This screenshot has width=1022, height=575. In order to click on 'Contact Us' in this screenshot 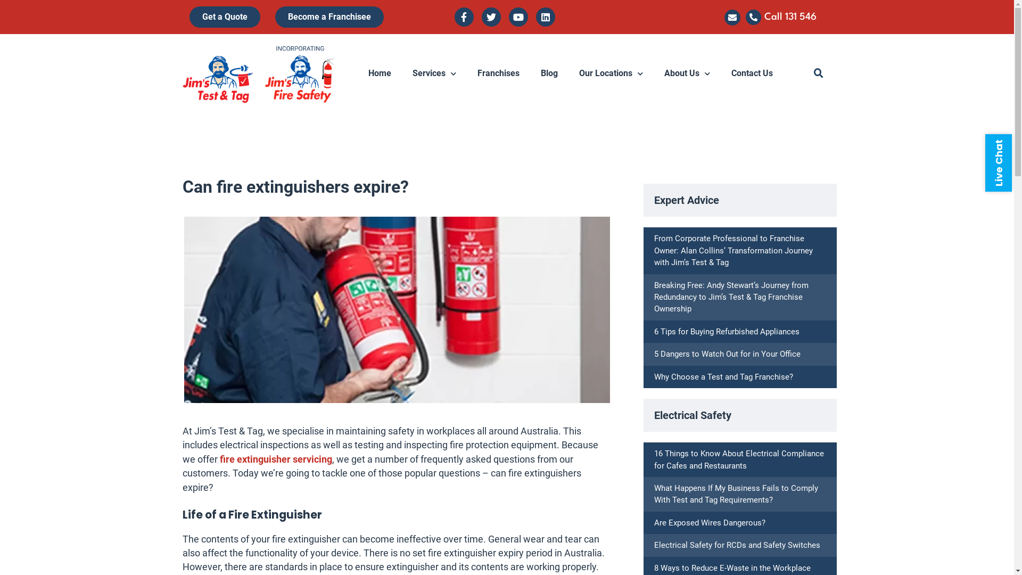, I will do `click(751, 73)`.